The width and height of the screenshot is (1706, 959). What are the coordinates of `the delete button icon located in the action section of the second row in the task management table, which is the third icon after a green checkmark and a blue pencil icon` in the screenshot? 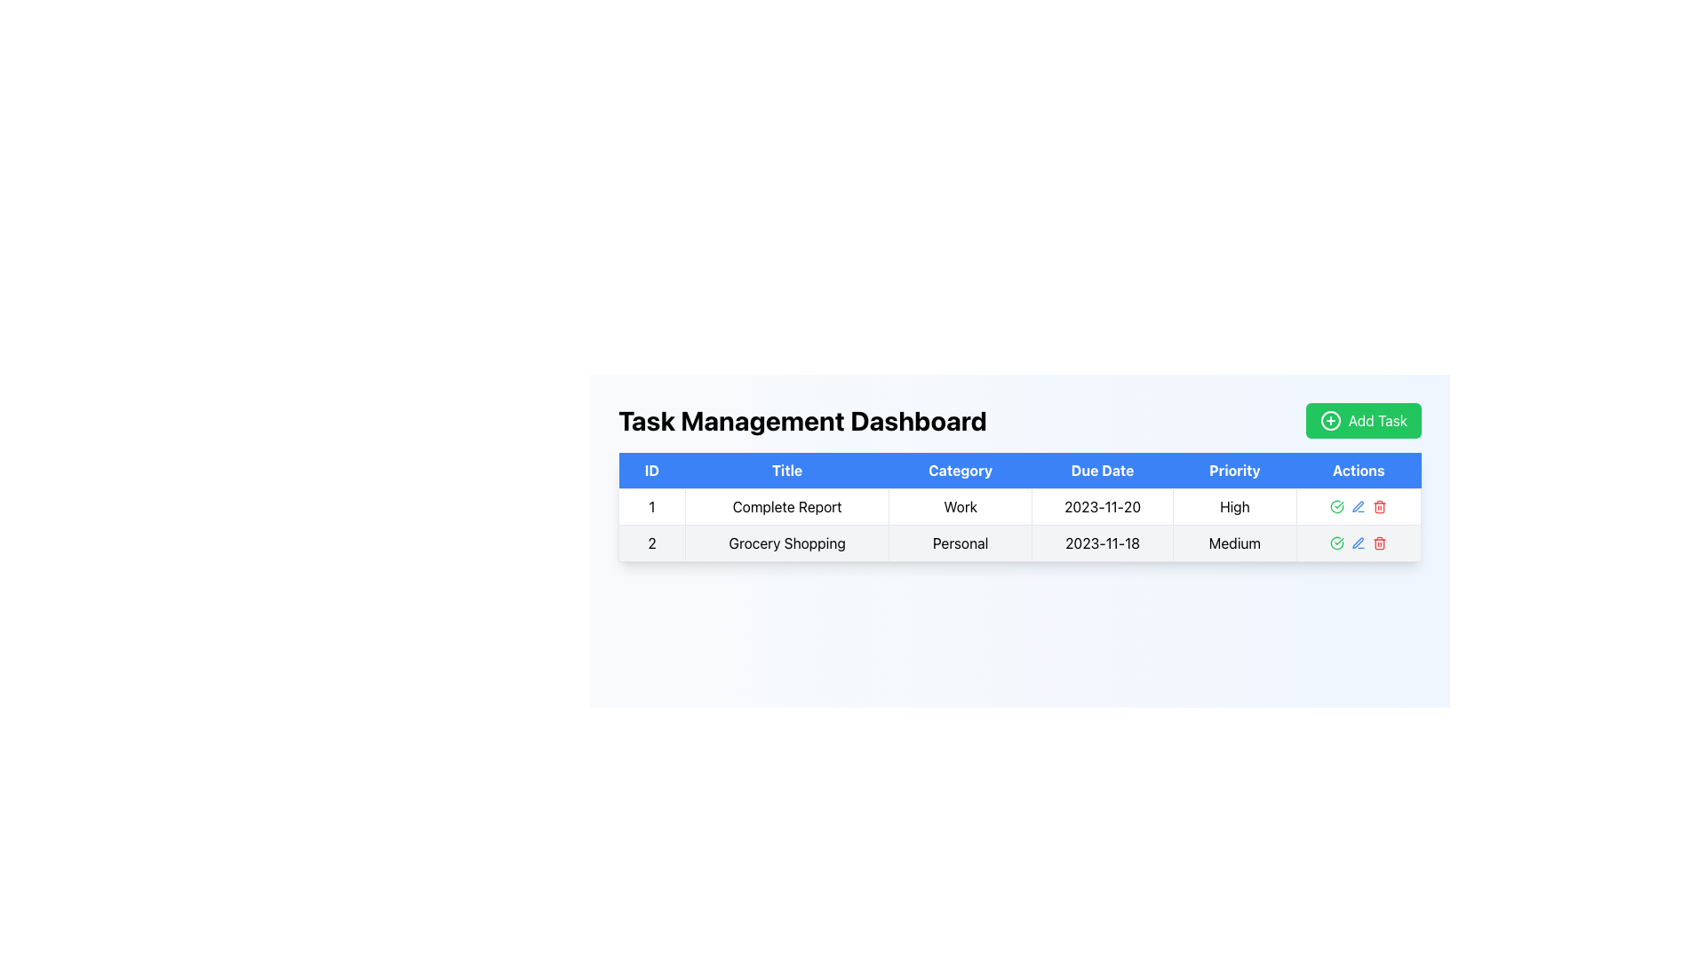 It's located at (1379, 506).